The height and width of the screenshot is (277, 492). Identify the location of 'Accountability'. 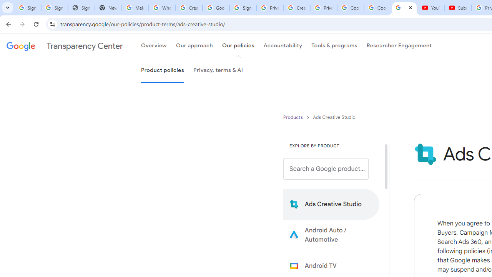
(283, 46).